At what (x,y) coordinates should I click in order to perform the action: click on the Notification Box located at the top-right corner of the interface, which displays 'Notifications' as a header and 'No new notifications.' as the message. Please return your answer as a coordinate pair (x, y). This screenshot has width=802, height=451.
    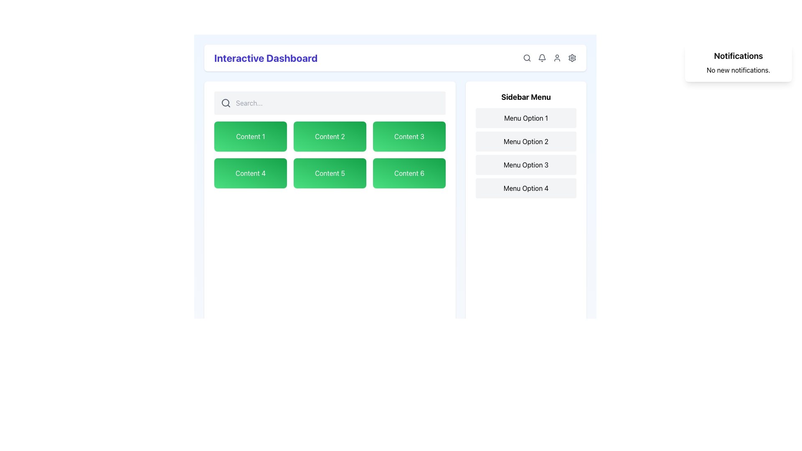
    Looking at the image, I should click on (738, 62).